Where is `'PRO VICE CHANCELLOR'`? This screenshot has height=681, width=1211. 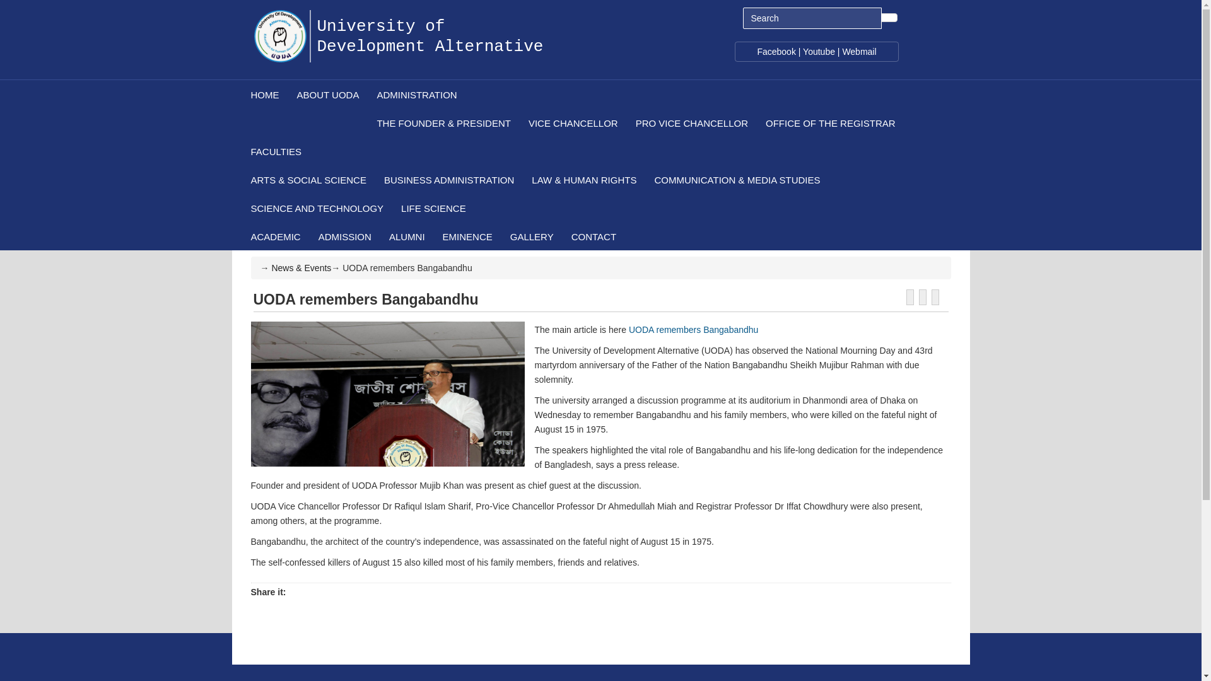 'PRO VICE CHANCELLOR' is located at coordinates (690, 122).